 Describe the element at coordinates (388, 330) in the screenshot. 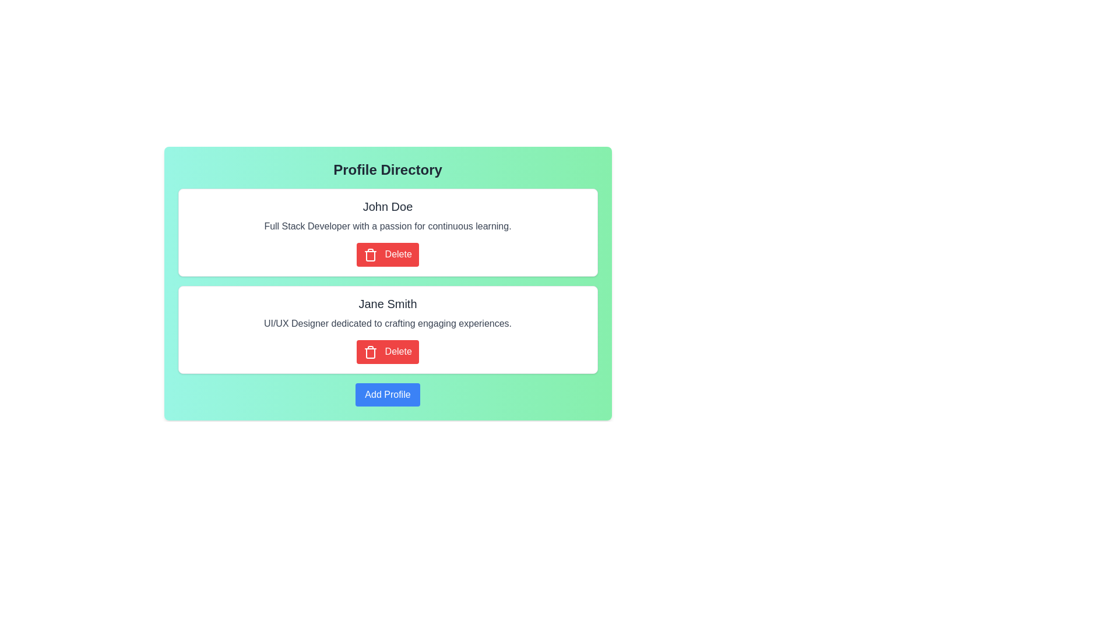

I see `profile information from the second user profile card located in the green-background section labeled 'Profile Directory'` at that location.